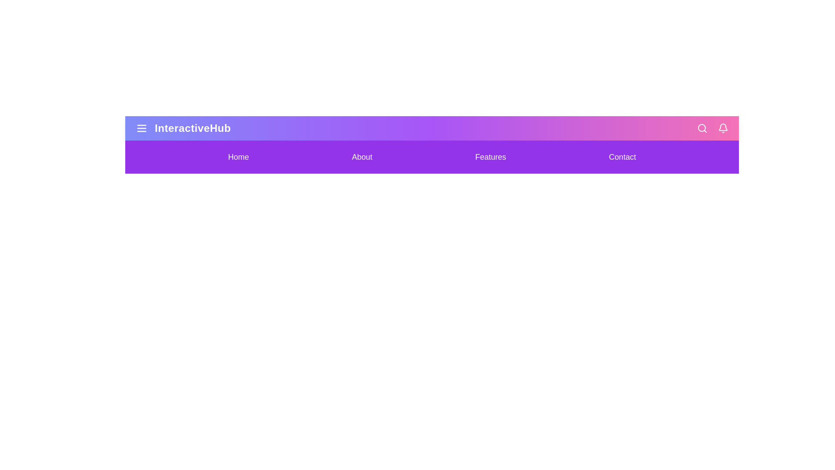  Describe the element at coordinates (142, 128) in the screenshot. I see `the menu icon to toggle the visibility of the menu` at that location.